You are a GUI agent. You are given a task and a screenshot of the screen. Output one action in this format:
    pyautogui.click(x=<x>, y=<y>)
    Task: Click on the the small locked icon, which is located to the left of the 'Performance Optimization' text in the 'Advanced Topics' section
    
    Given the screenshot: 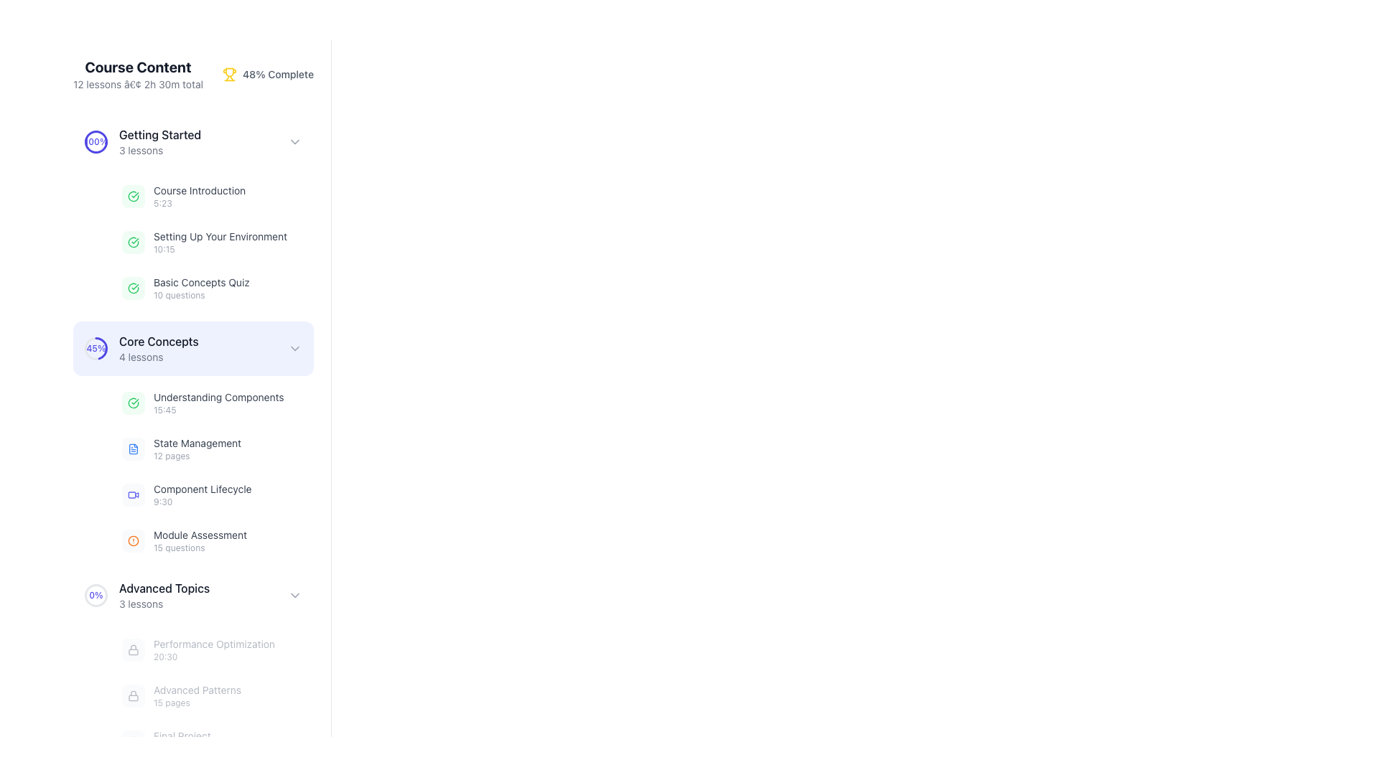 What is the action you would take?
    pyautogui.click(x=134, y=650)
    